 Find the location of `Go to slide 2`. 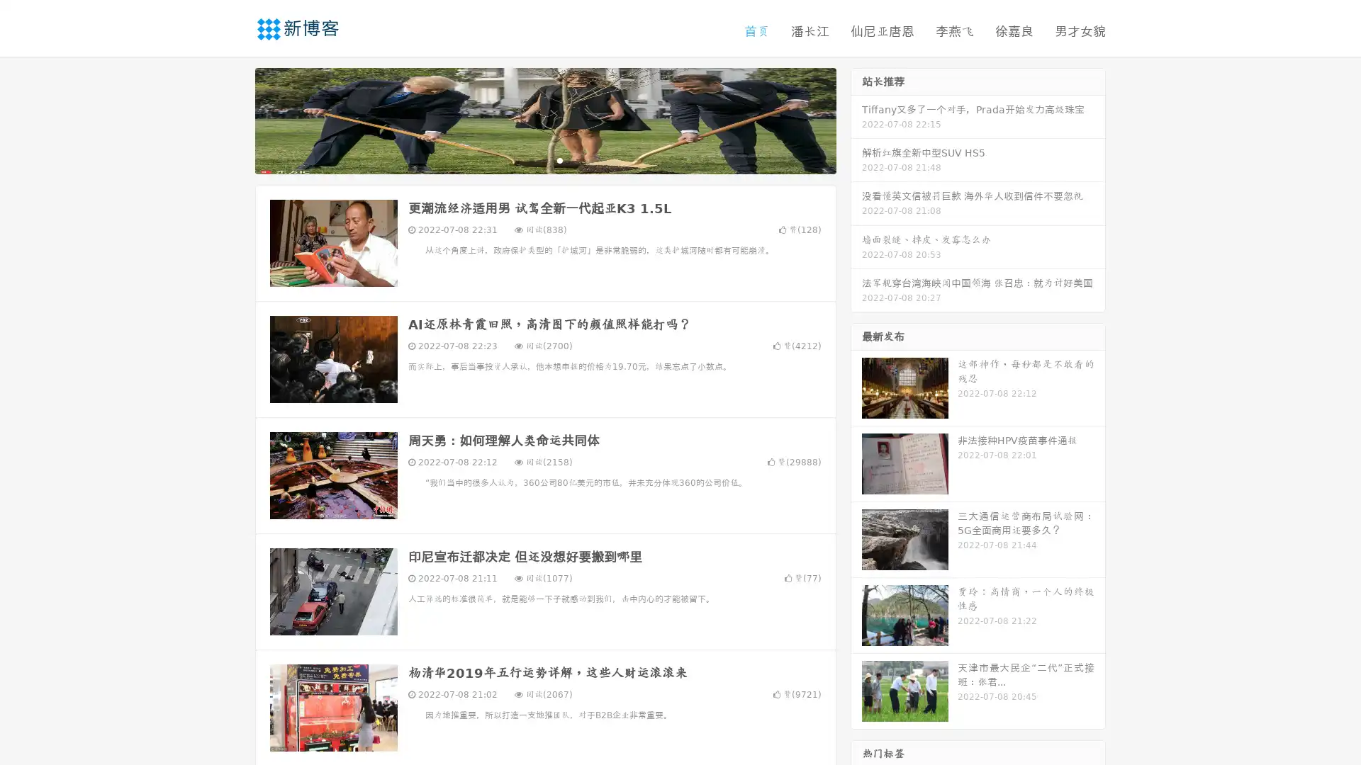

Go to slide 2 is located at coordinates (544, 159).